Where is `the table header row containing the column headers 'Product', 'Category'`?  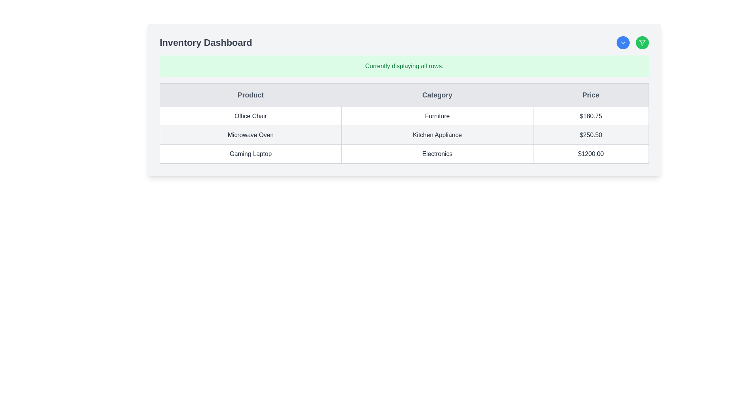 the table header row containing the column headers 'Product', 'Category' is located at coordinates (404, 94).